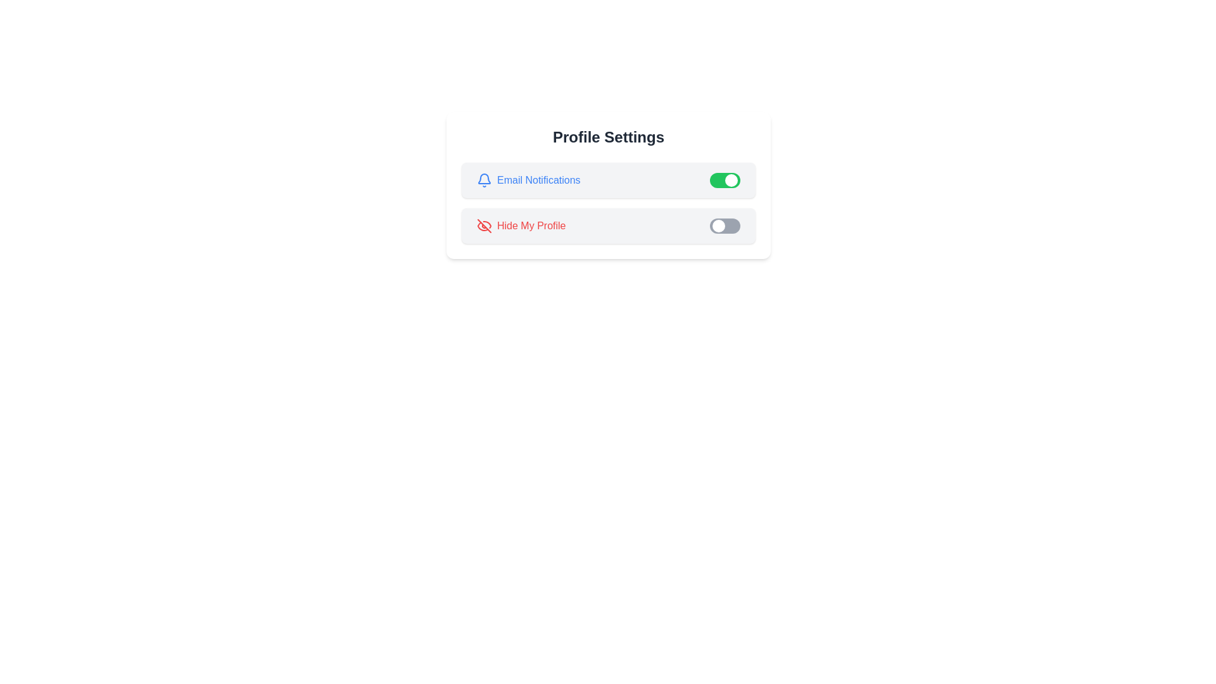 Image resolution: width=1216 pixels, height=684 pixels. I want to click on the 'Hide My Profile' text label, which is styled in red and is part of the 'Profile Settings' section, located below 'Email Notifications' and to the right of the eye icon, so click(531, 225).